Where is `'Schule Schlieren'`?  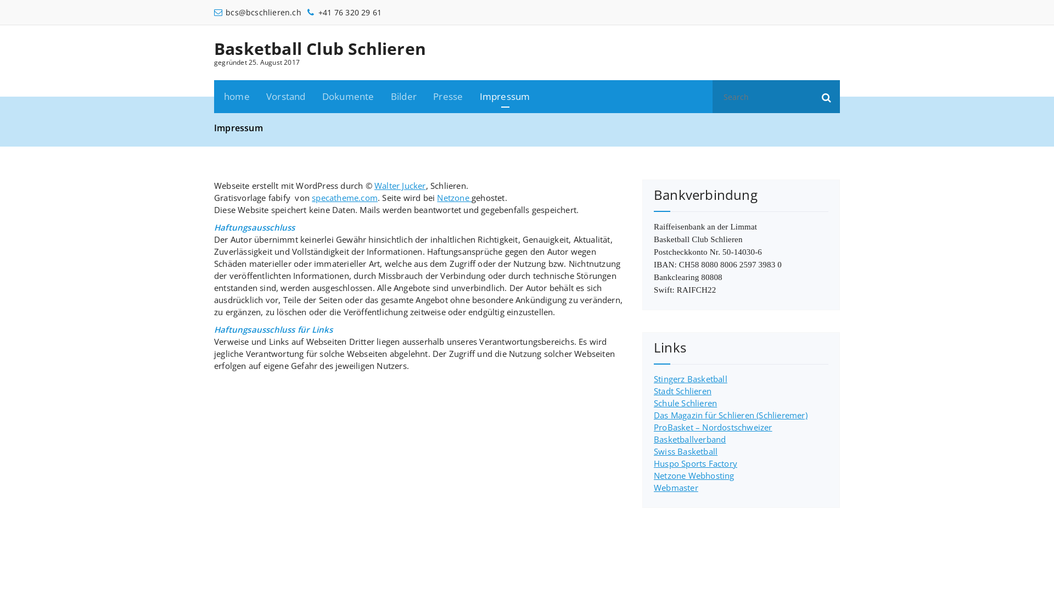
'Schule Schlieren' is located at coordinates (685, 402).